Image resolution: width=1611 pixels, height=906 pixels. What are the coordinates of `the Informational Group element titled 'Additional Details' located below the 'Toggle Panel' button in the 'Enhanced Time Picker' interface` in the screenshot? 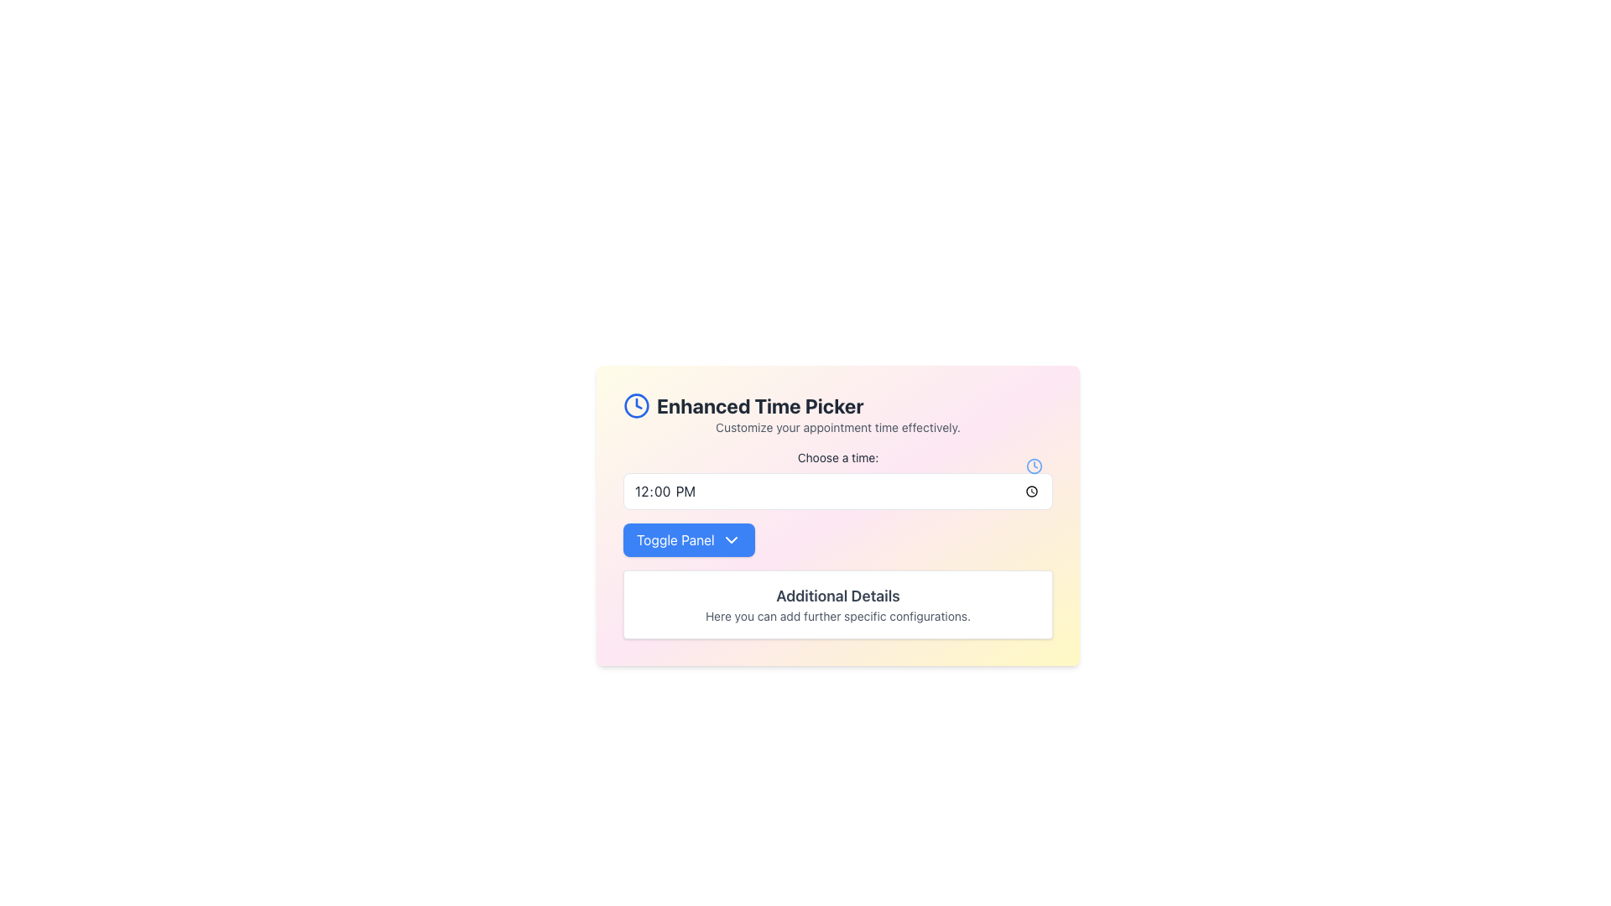 It's located at (837, 605).